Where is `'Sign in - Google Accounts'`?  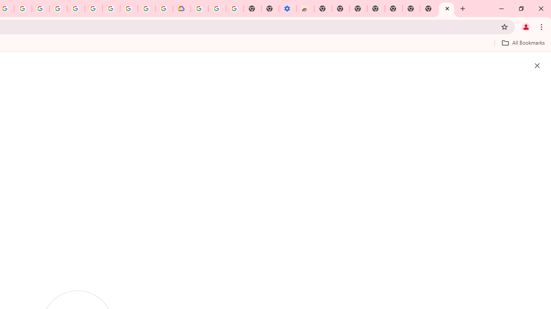 'Sign in - Google Accounts' is located at coordinates (199, 9).